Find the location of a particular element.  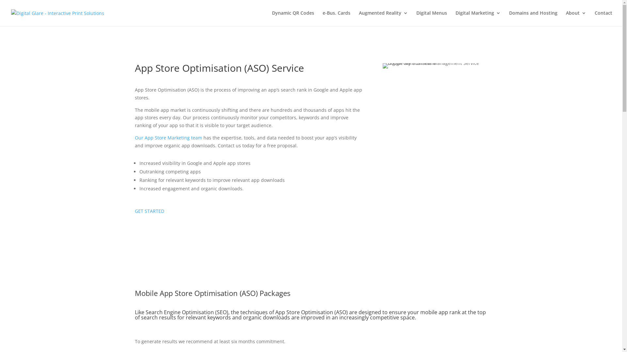

'GET STARTED' is located at coordinates (149, 211).